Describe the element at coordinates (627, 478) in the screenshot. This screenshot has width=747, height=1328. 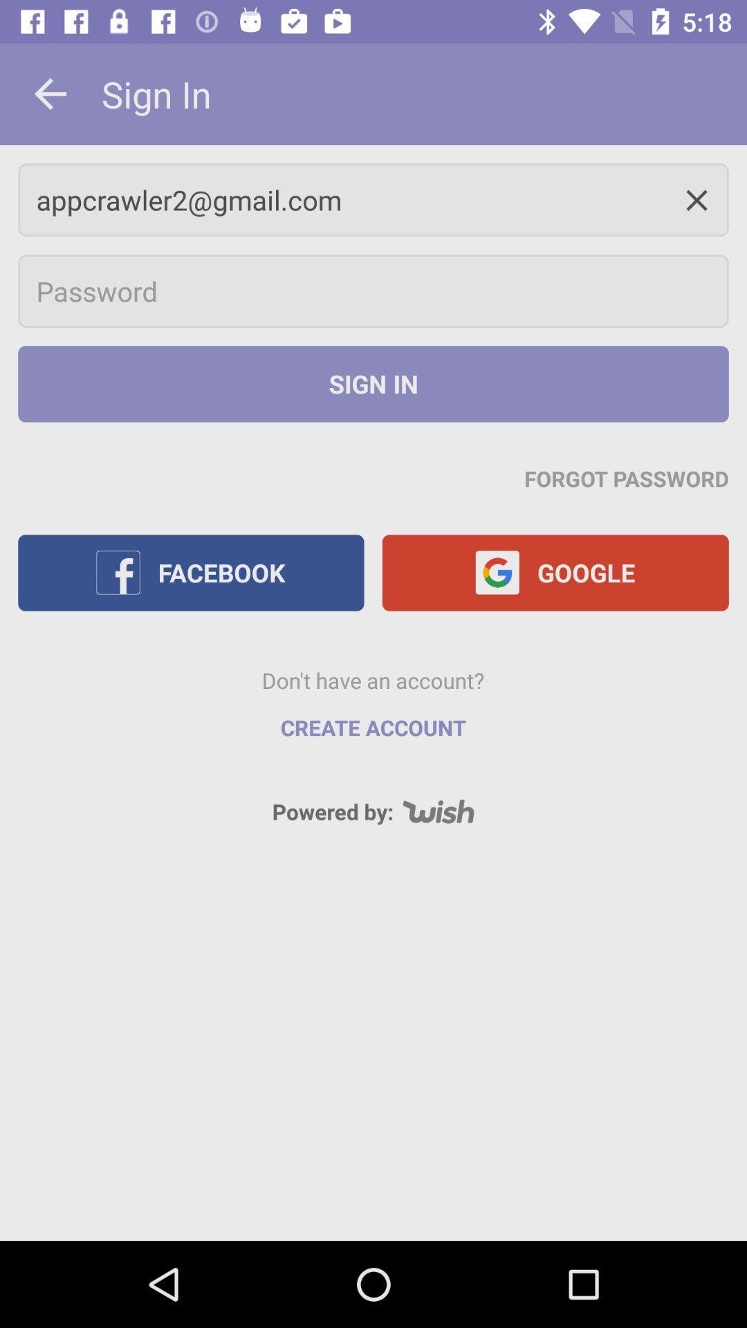
I see `forgot password` at that location.